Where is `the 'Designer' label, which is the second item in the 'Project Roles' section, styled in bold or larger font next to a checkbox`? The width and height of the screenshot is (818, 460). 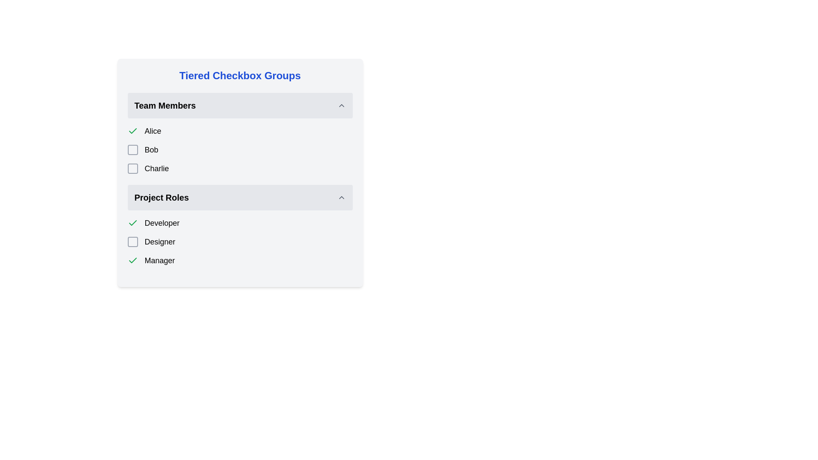
the 'Designer' label, which is the second item in the 'Project Roles' section, styled in bold or larger font next to a checkbox is located at coordinates (160, 241).